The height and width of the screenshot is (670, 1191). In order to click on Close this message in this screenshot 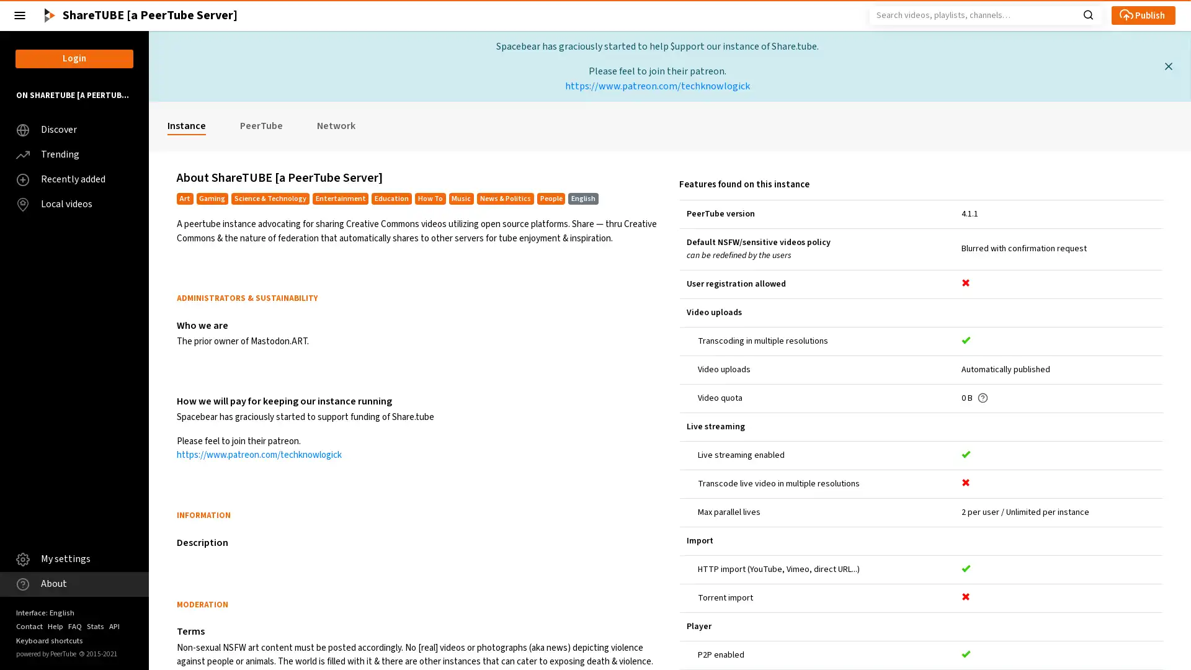, I will do `click(1167, 66)`.